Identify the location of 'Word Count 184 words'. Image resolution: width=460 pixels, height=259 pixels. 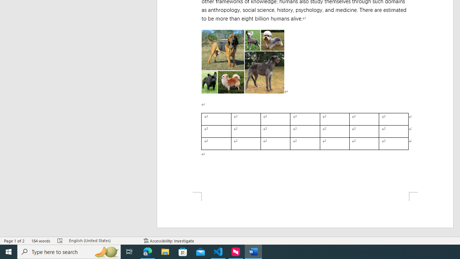
(40, 241).